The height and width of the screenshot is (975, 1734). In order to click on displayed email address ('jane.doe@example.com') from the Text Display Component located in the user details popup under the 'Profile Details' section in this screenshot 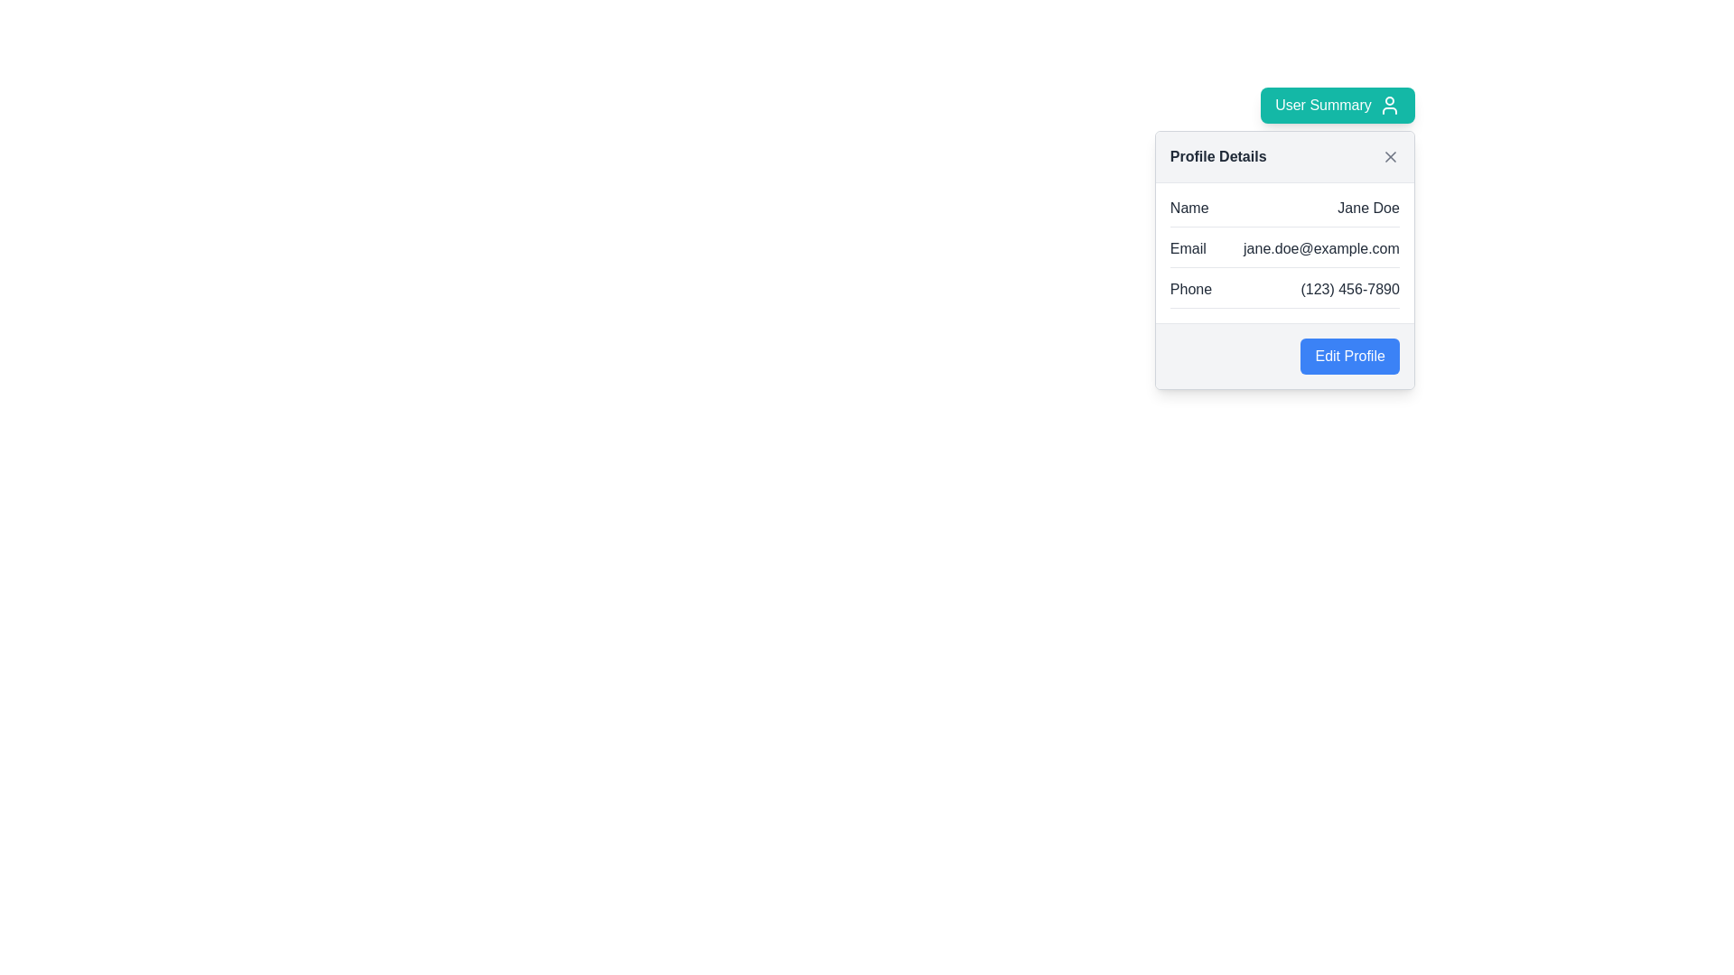, I will do `click(1283, 253)`.